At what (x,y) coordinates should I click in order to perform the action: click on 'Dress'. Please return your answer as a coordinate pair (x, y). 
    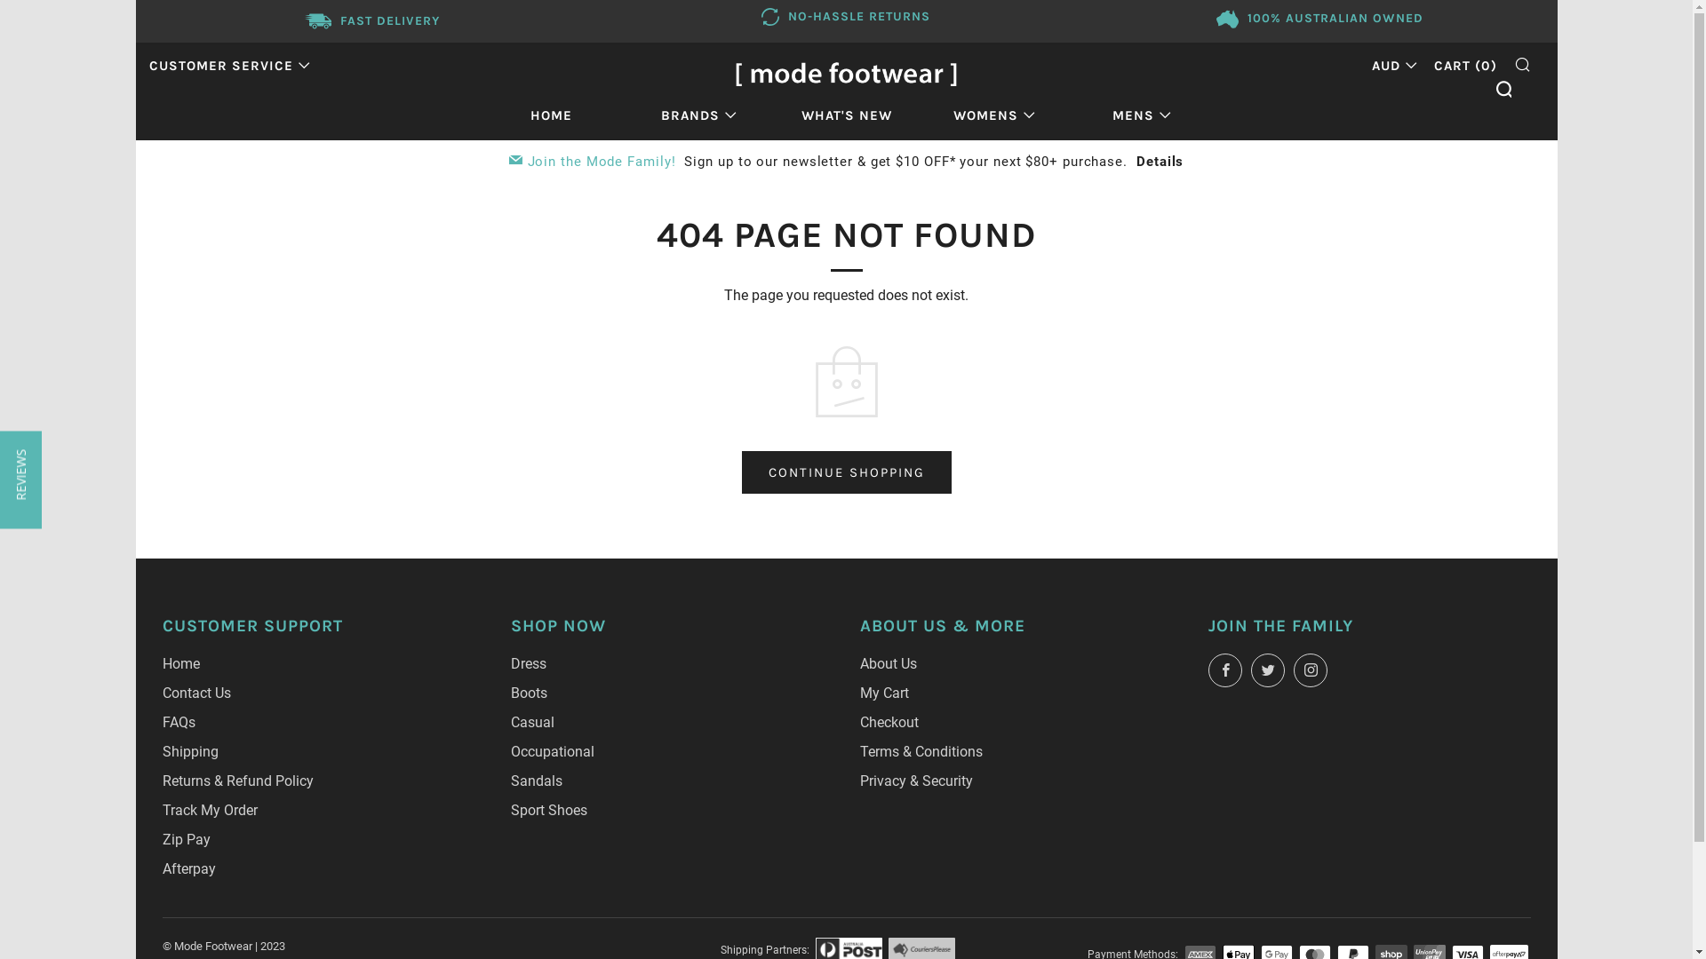
    Looking at the image, I should click on (528, 663).